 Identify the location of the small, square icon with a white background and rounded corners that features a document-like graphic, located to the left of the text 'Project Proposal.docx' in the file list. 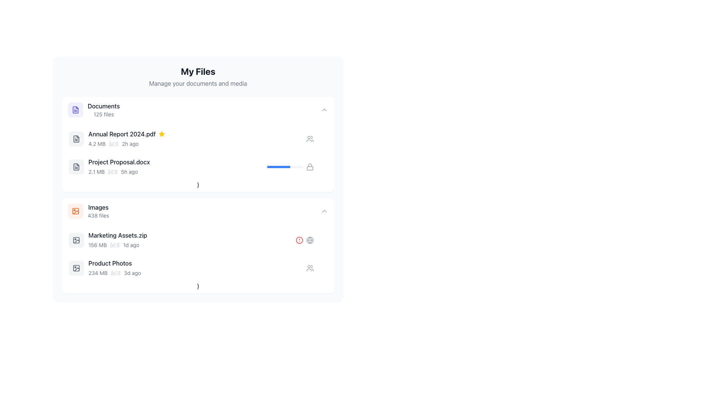
(76, 167).